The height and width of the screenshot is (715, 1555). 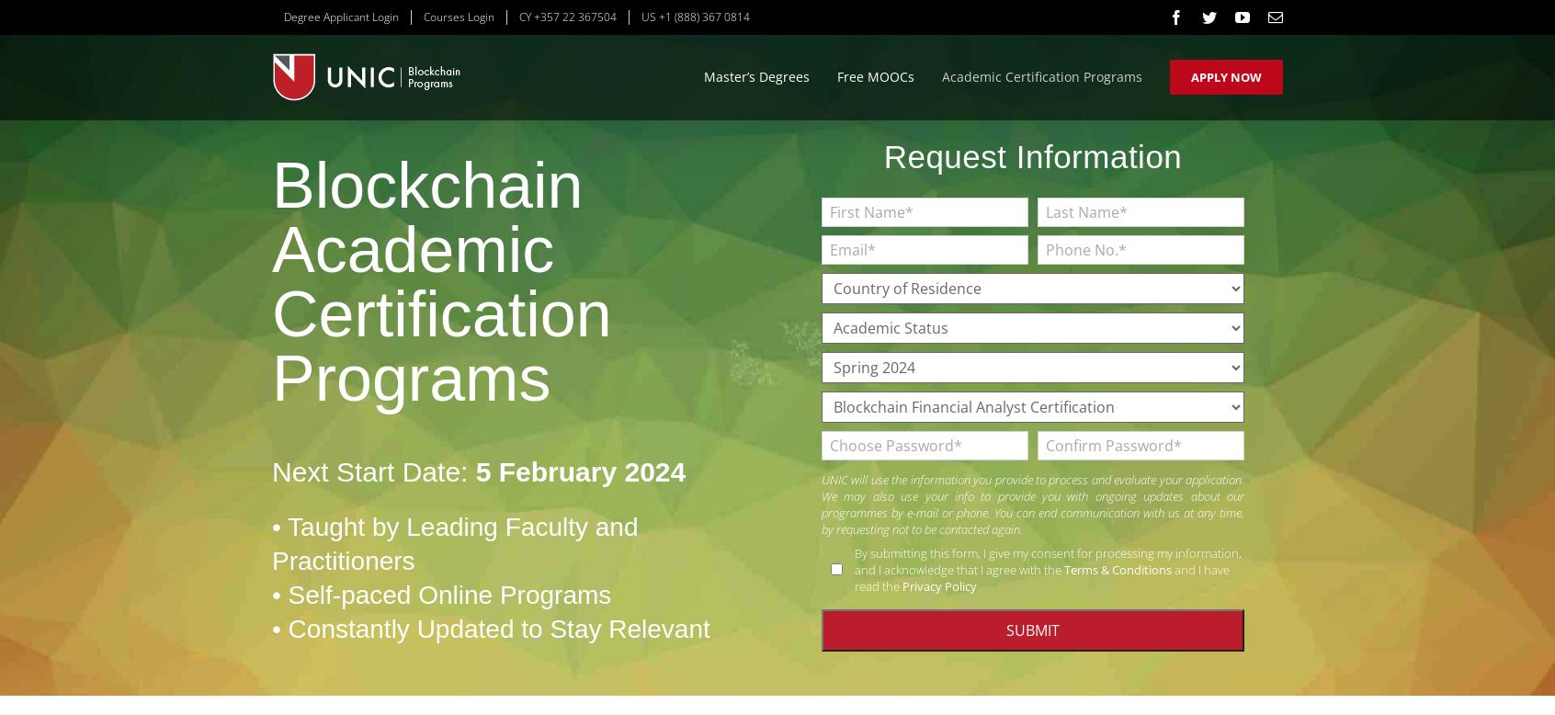 I want to click on '• Self-paced Online Programs', so click(x=440, y=594).